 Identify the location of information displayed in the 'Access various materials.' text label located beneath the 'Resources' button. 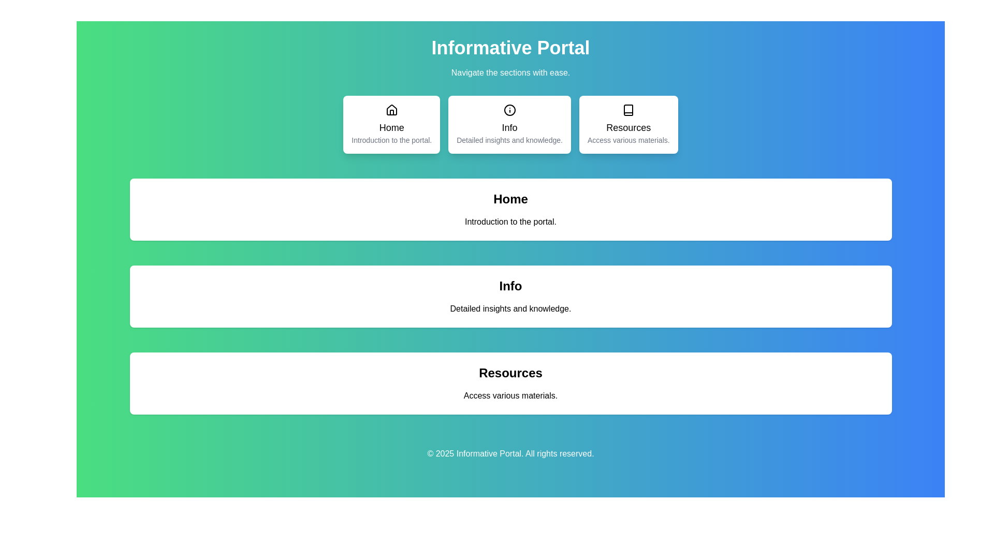
(628, 140).